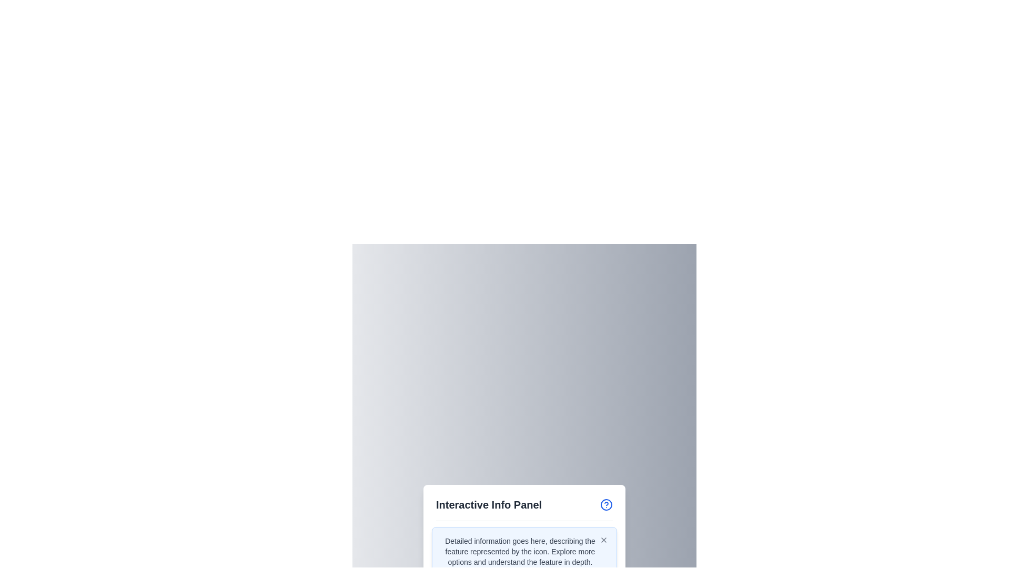 The width and height of the screenshot is (1010, 568). Describe the element at coordinates (606, 504) in the screenshot. I see `the outer circular shape of the question mark icon in the Interactive Info Panel located at the far top-right corner` at that location.